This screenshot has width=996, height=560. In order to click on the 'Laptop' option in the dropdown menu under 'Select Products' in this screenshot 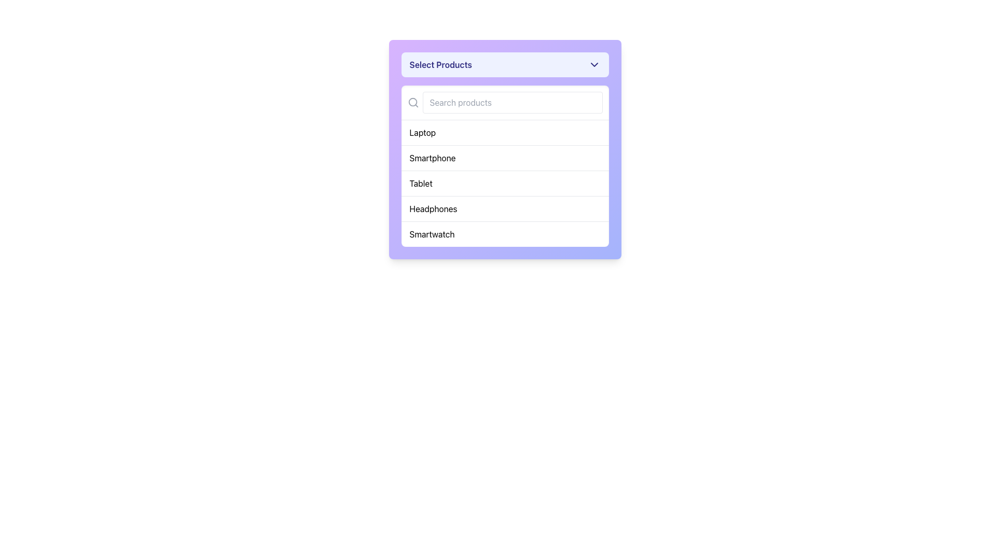, I will do `click(422, 132)`.